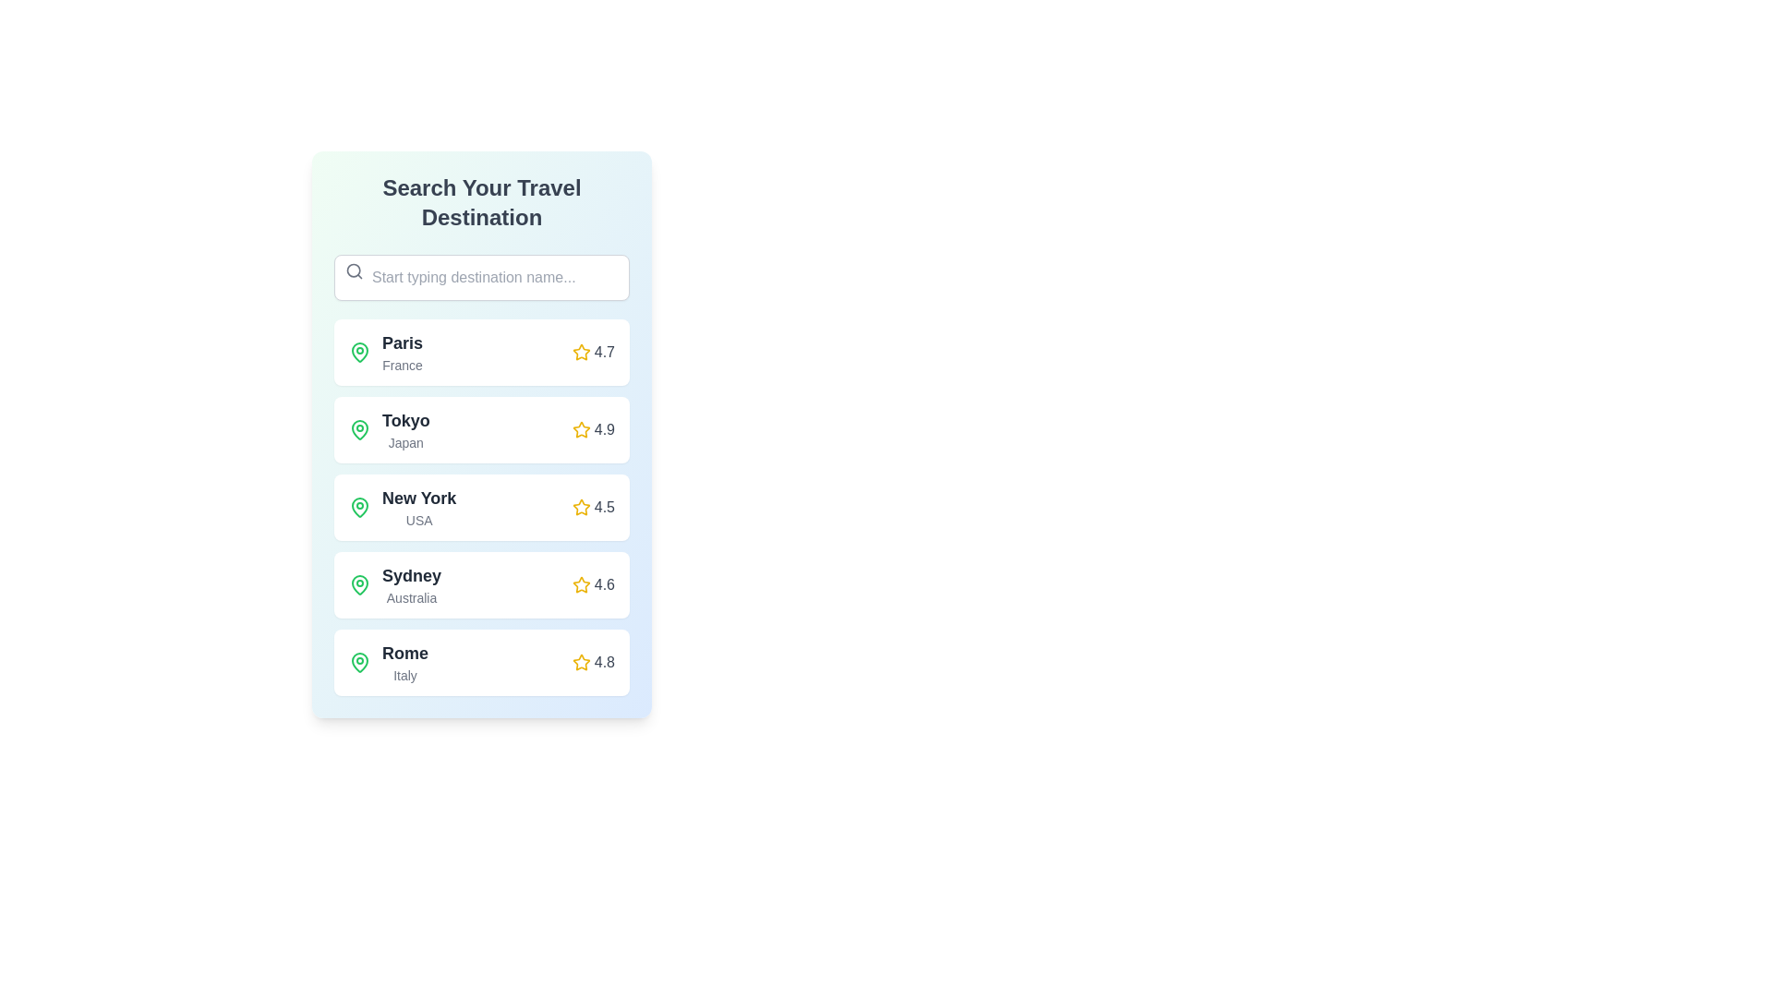 This screenshot has width=1773, height=997. What do you see at coordinates (482, 430) in the screenshot?
I see `the destination card for Tokyo, Japan, which is the second item in the list of destinations in the selection interface` at bounding box center [482, 430].